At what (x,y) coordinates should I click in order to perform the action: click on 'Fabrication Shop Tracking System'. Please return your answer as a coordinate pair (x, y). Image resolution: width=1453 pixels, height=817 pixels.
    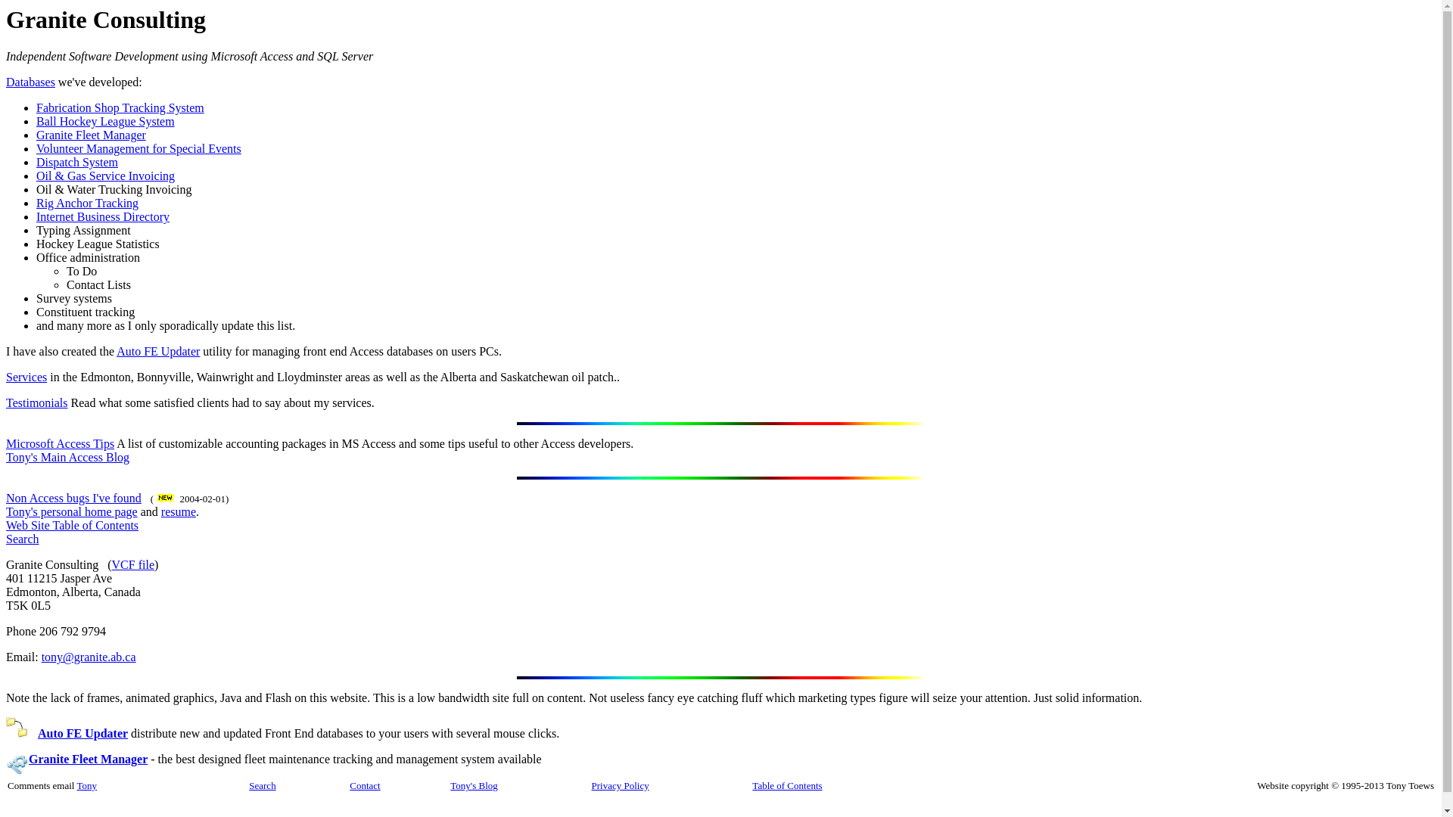
    Looking at the image, I should click on (119, 107).